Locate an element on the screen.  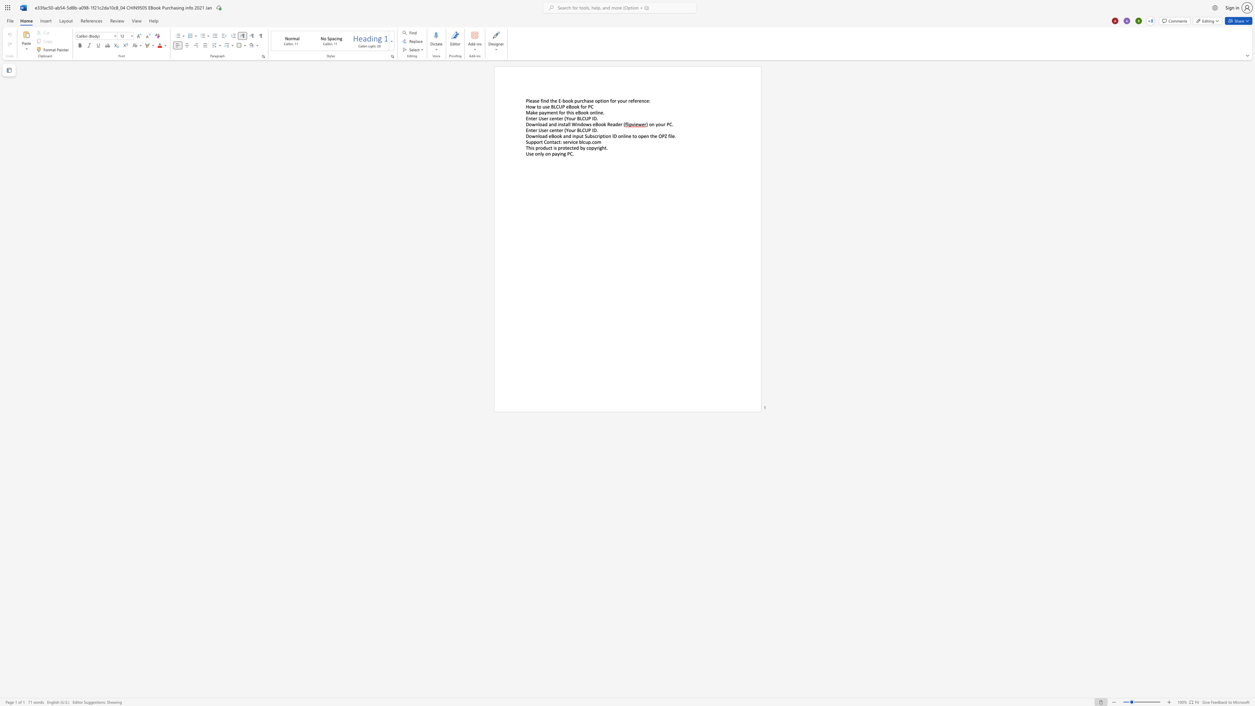
the 1th character "f" in the text is located at coordinates (610, 100).